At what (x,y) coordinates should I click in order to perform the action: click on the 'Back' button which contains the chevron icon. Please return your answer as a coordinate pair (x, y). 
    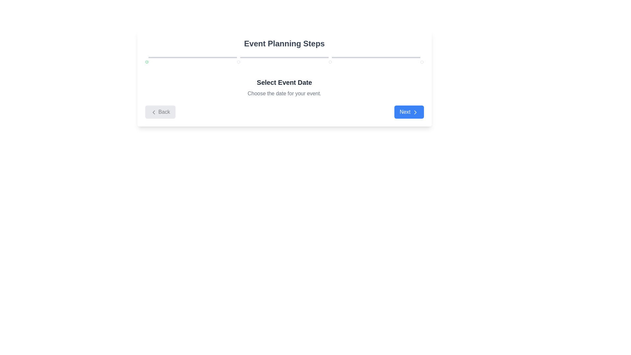
    Looking at the image, I should click on (153, 112).